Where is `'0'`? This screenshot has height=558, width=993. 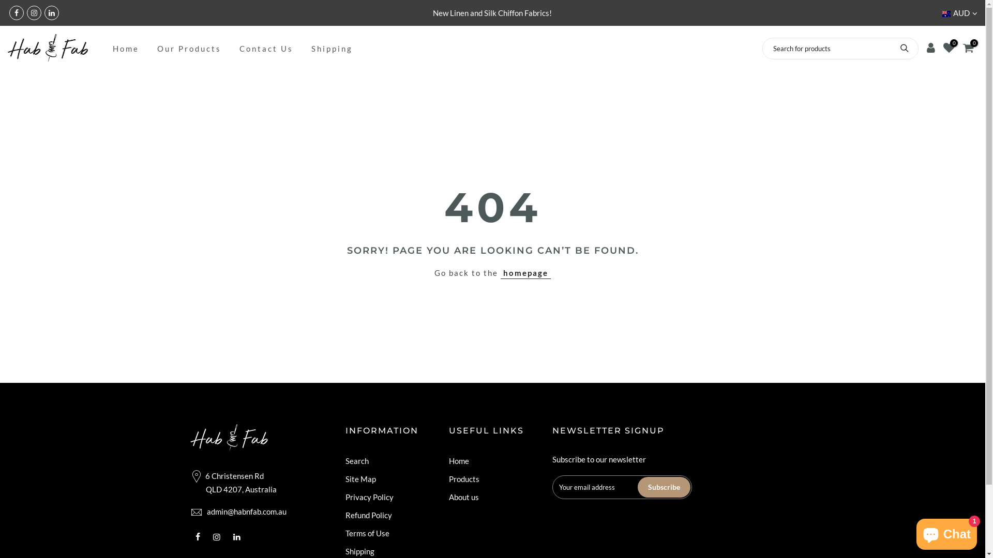 '0' is located at coordinates (968, 48).